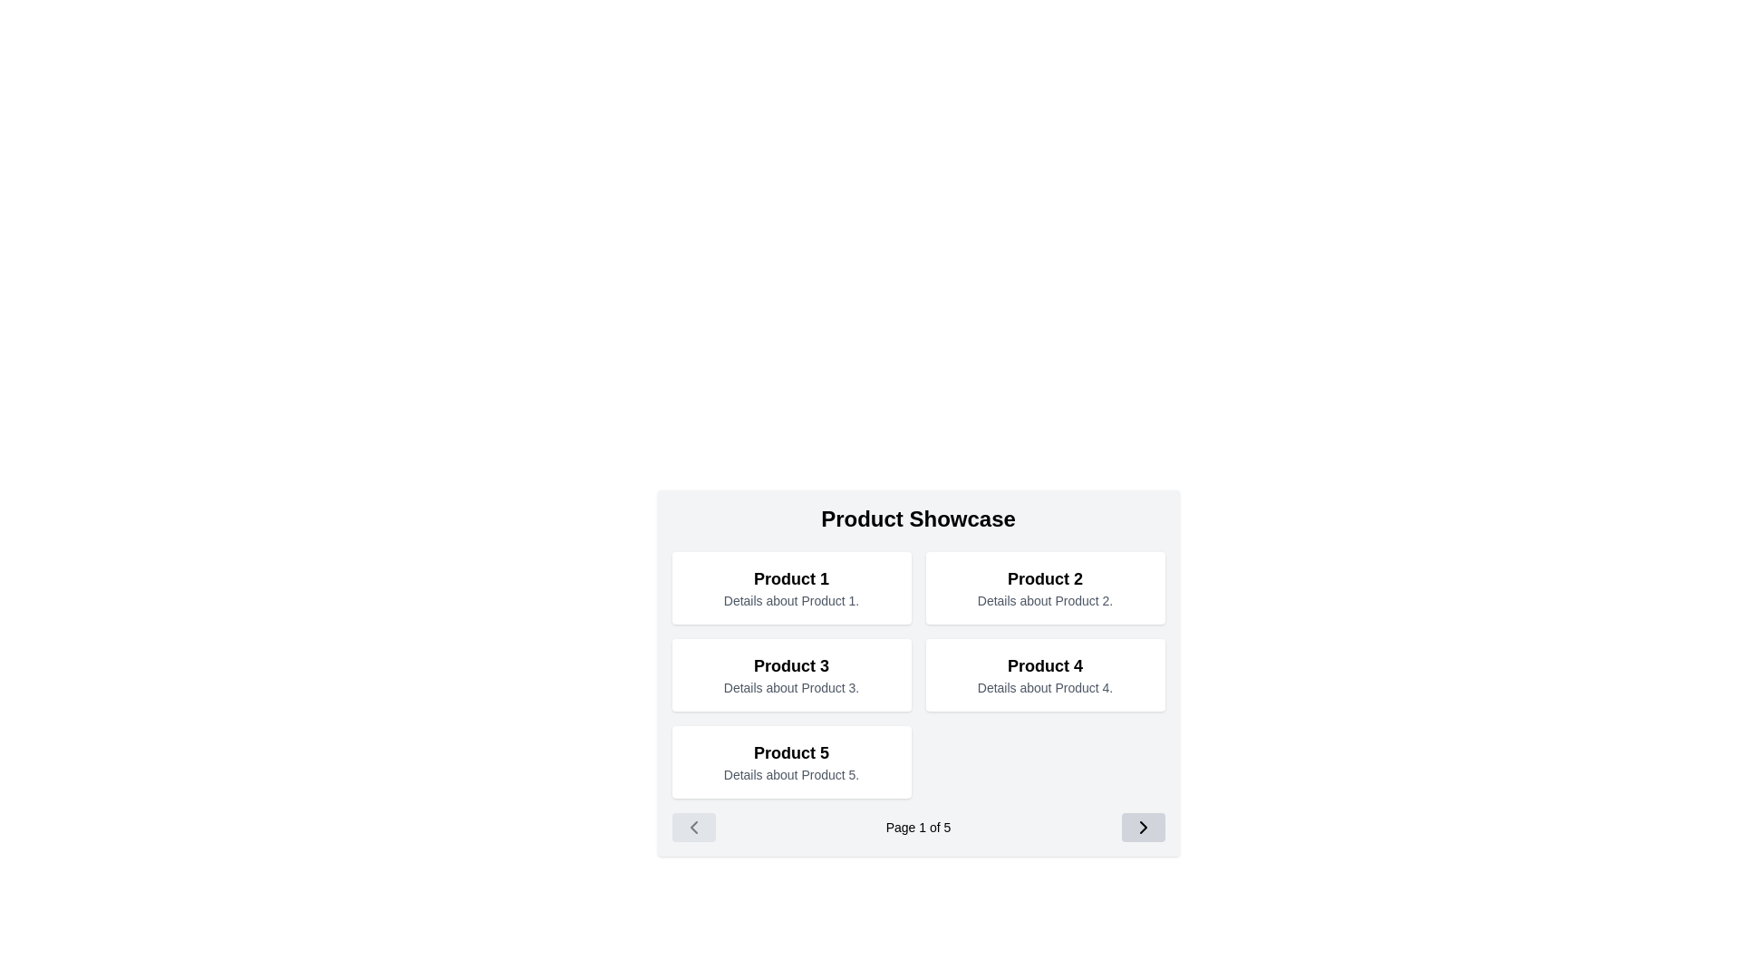 The width and height of the screenshot is (1740, 979). Describe the element at coordinates (692, 828) in the screenshot. I see `the left-pointing chevron icon button with a thin black outline and light-gray shade in the navigation bar to observe the hover effect` at that location.